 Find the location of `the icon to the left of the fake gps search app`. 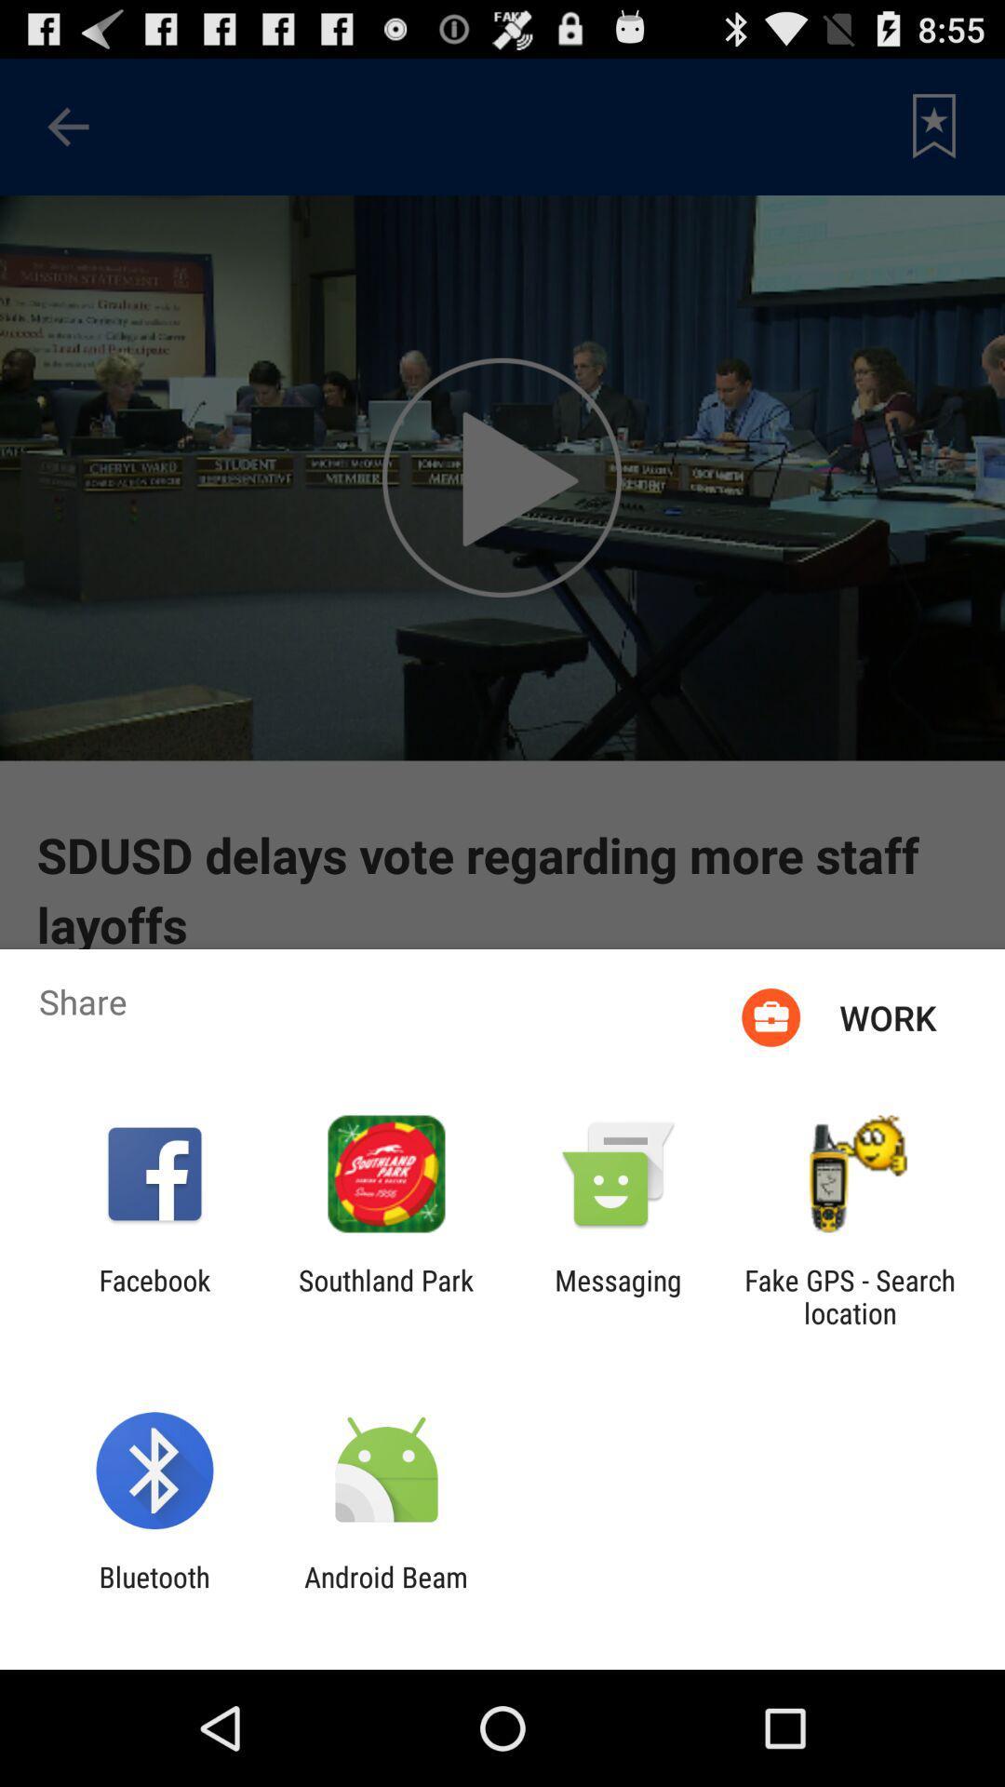

the icon to the left of the fake gps search app is located at coordinates (618, 1296).